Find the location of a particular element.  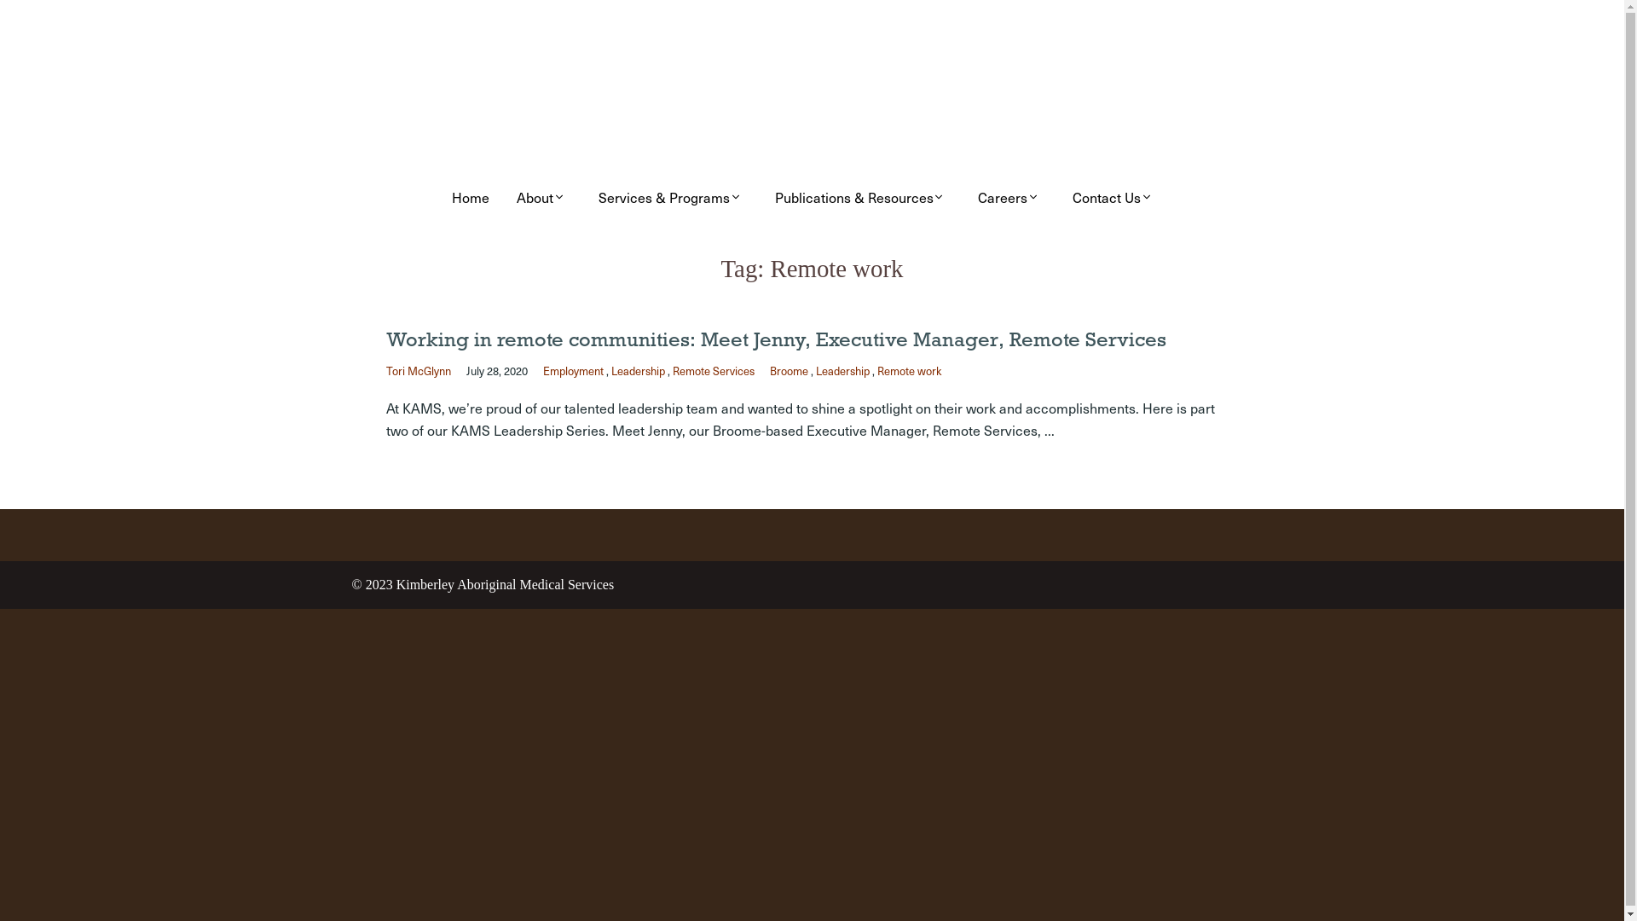

'Tori McGlynn' is located at coordinates (384, 369).